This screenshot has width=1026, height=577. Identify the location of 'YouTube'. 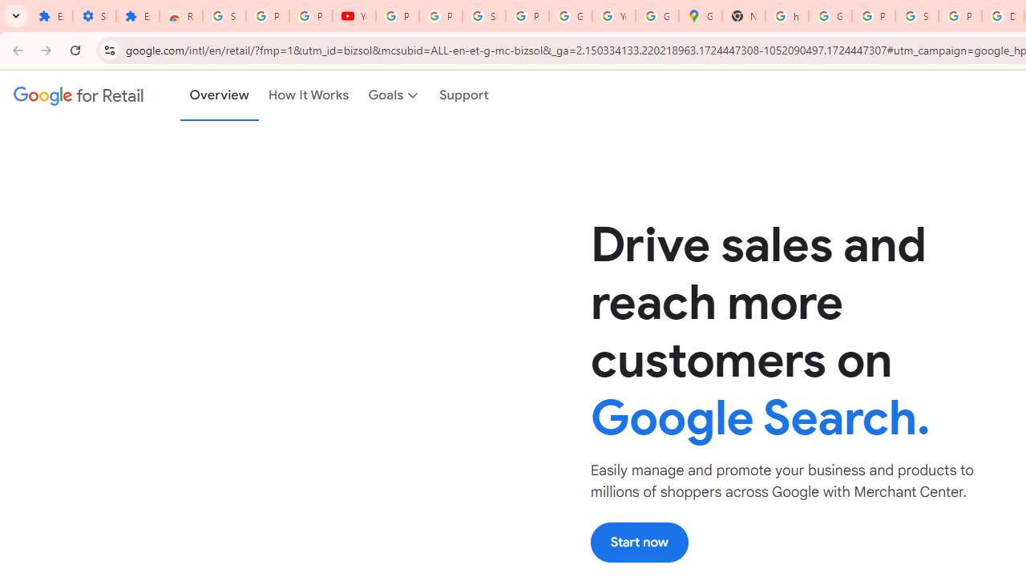
(353, 16).